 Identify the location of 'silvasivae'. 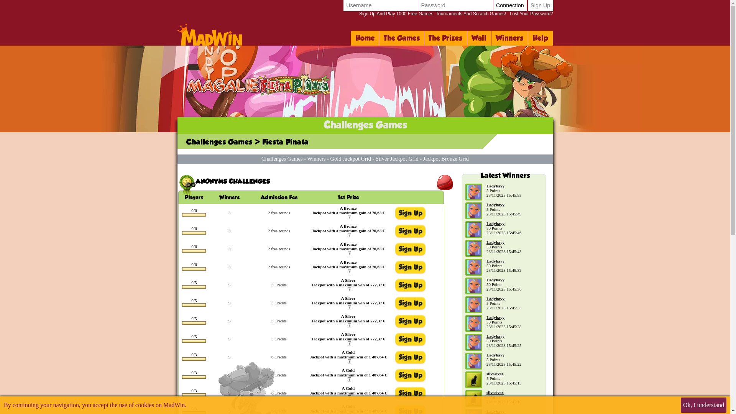
(495, 373).